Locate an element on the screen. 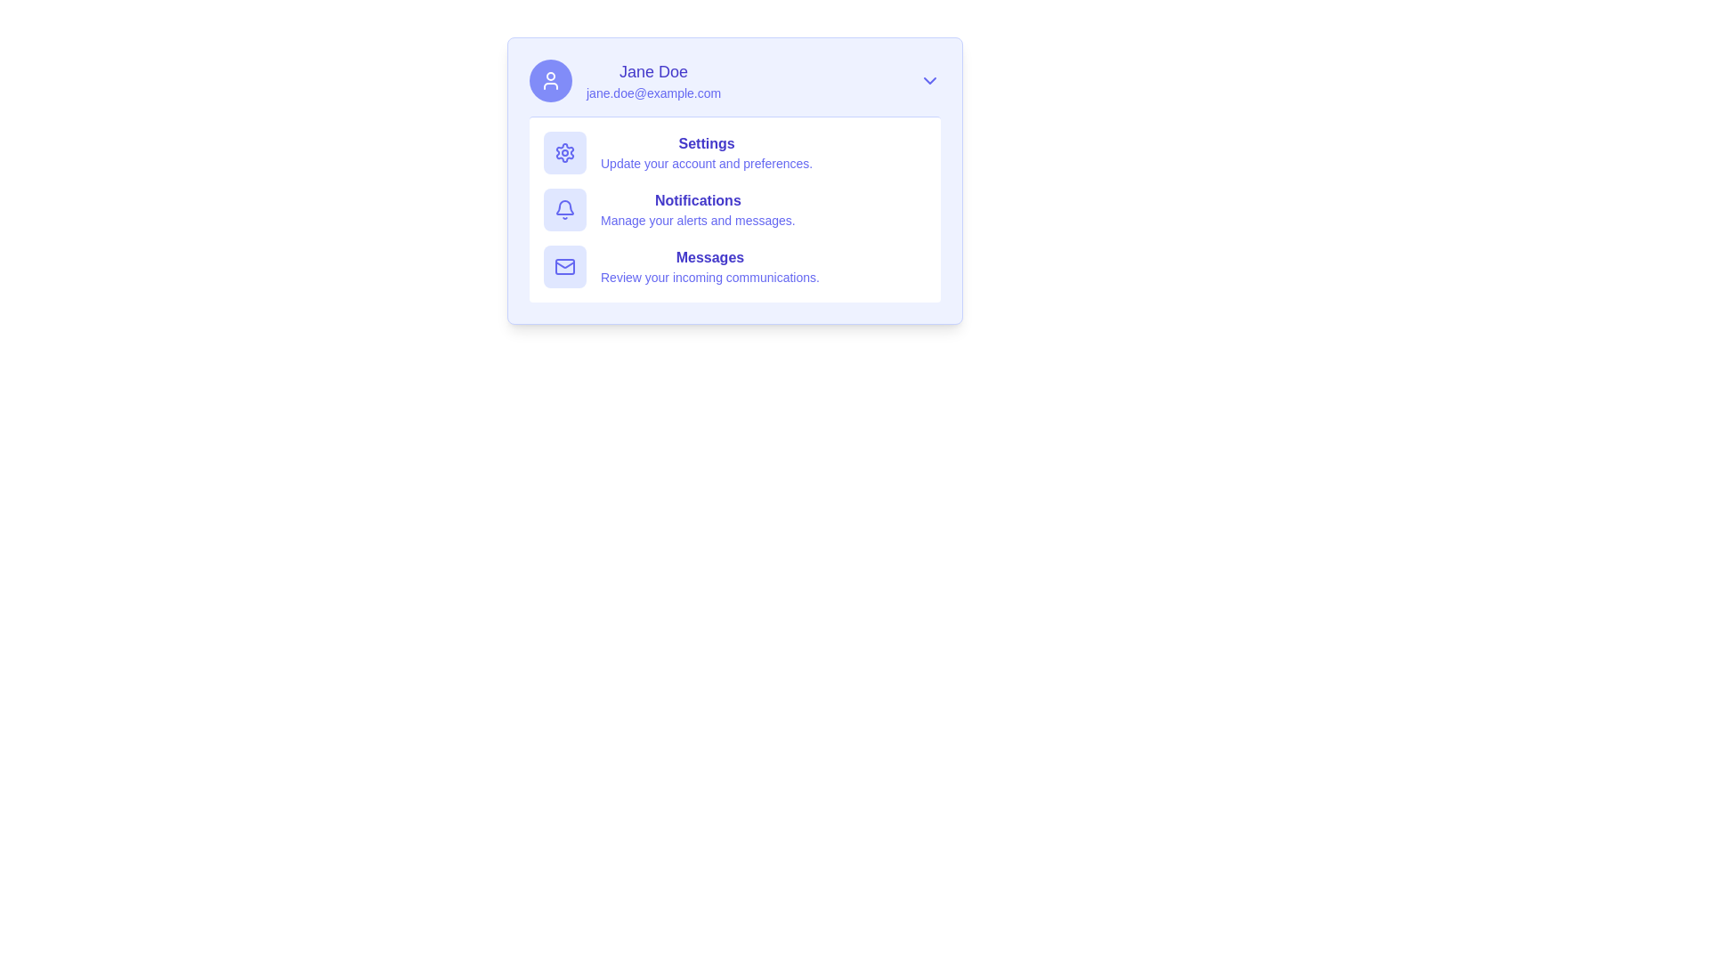 The width and height of the screenshot is (1709, 961). the 'Settings' text element in the dropdown menu that provides account and preferences updates, located in the second slot of the options list is located at coordinates (706, 152).